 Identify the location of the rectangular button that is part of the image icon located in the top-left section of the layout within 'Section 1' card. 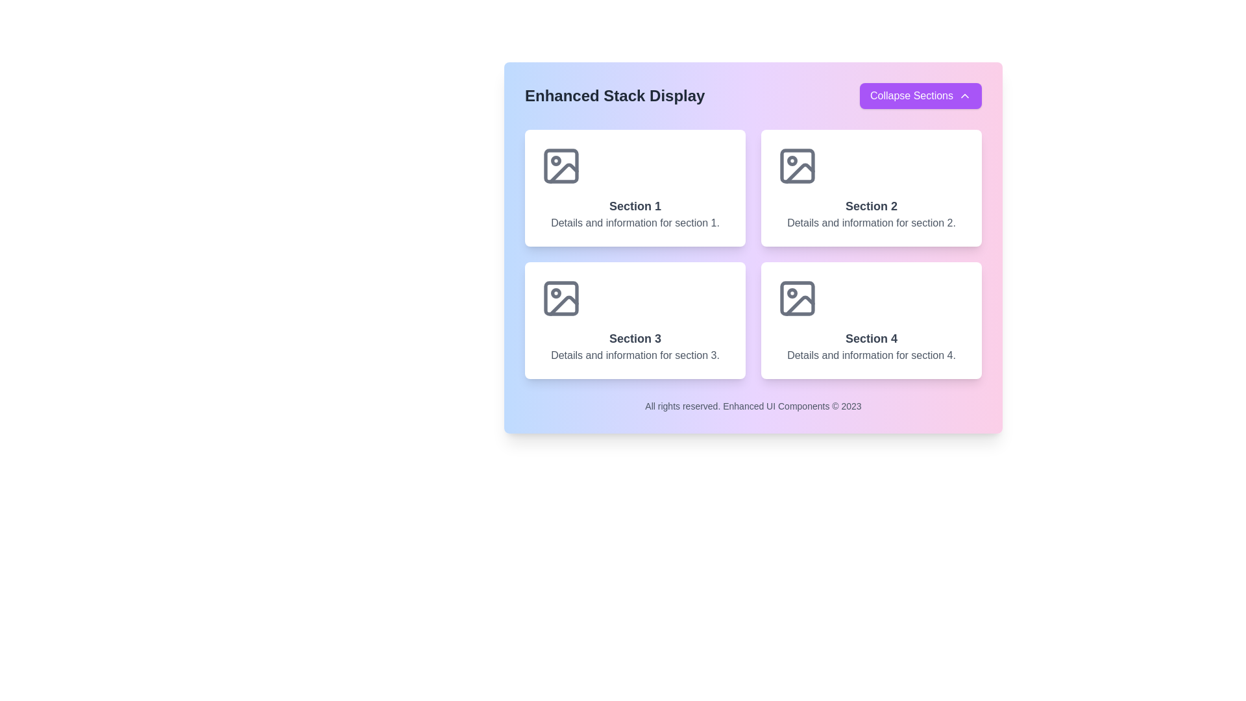
(561, 165).